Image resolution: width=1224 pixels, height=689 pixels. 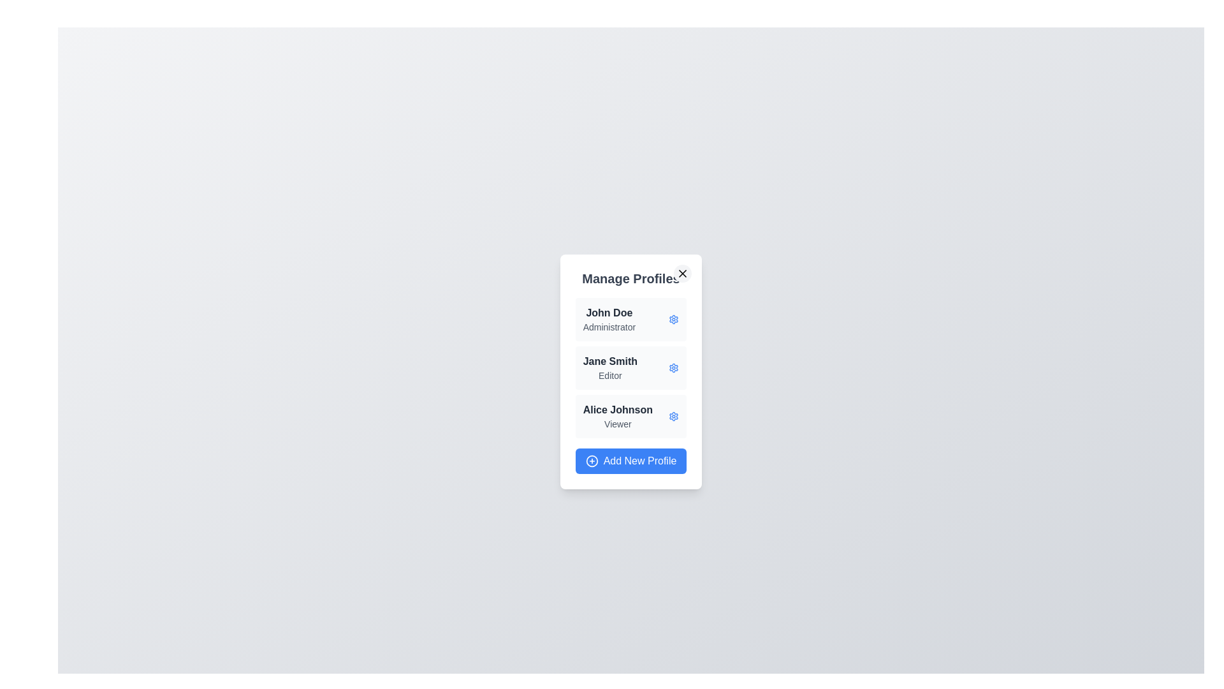 I want to click on gear icon next to the profile named John Doe, so click(x=673, y=319).